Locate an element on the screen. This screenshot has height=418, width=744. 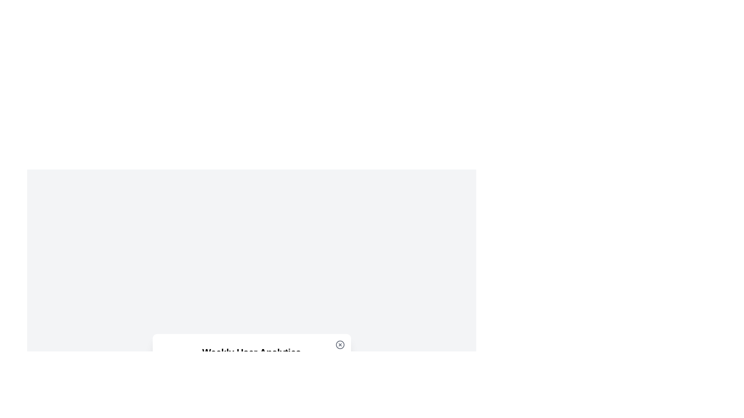
the text label displaying 'Monday' is located at coordinates (176, 378).